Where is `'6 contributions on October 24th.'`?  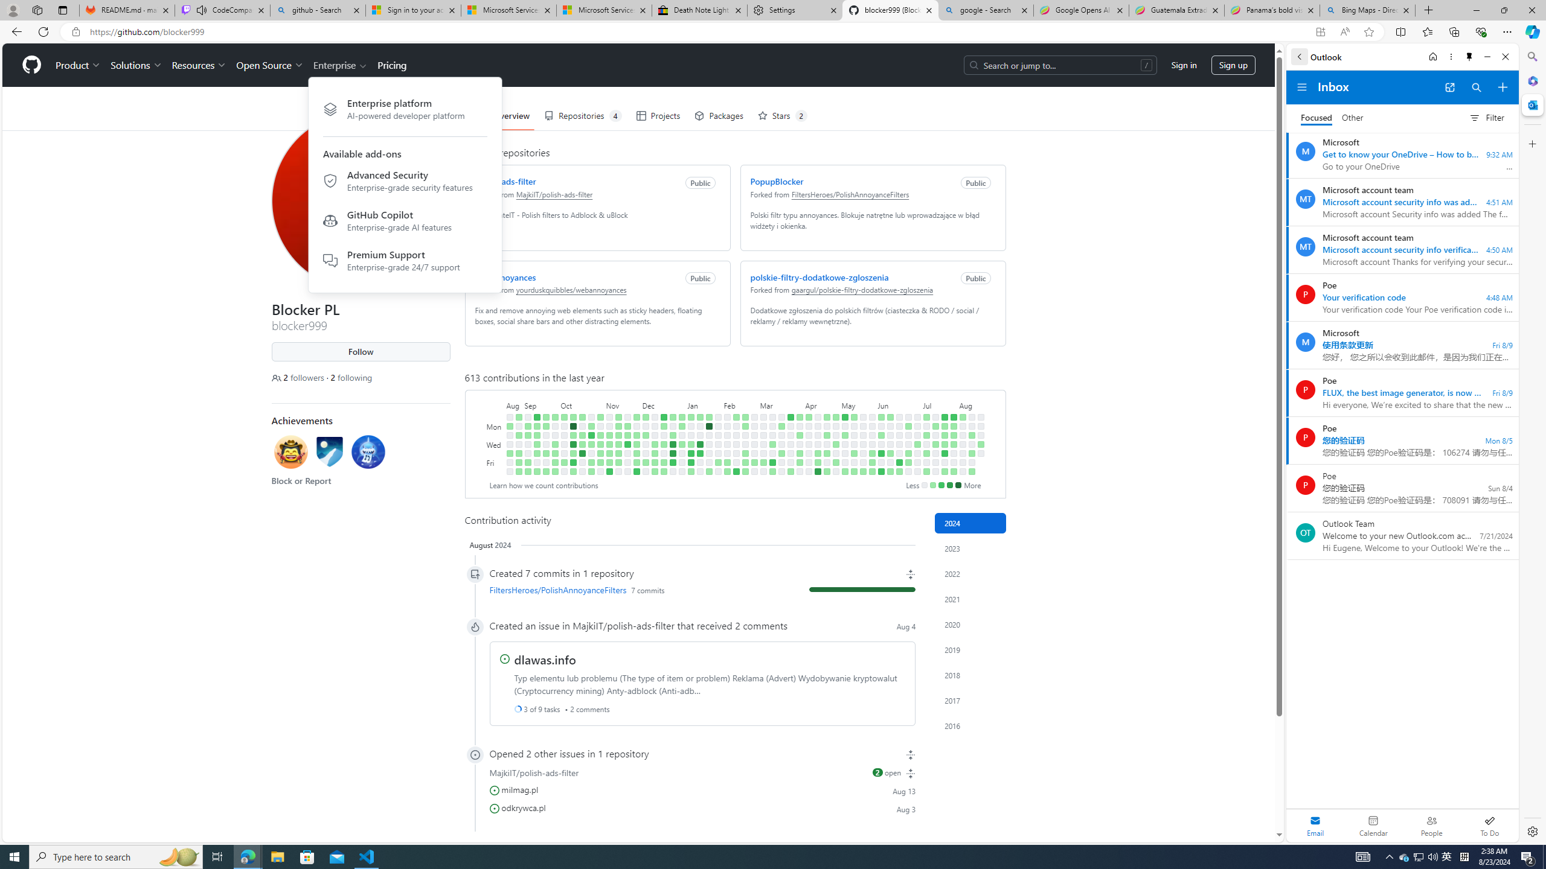
'6 contributions on October 24th.' is located at coordinates (591, 434).